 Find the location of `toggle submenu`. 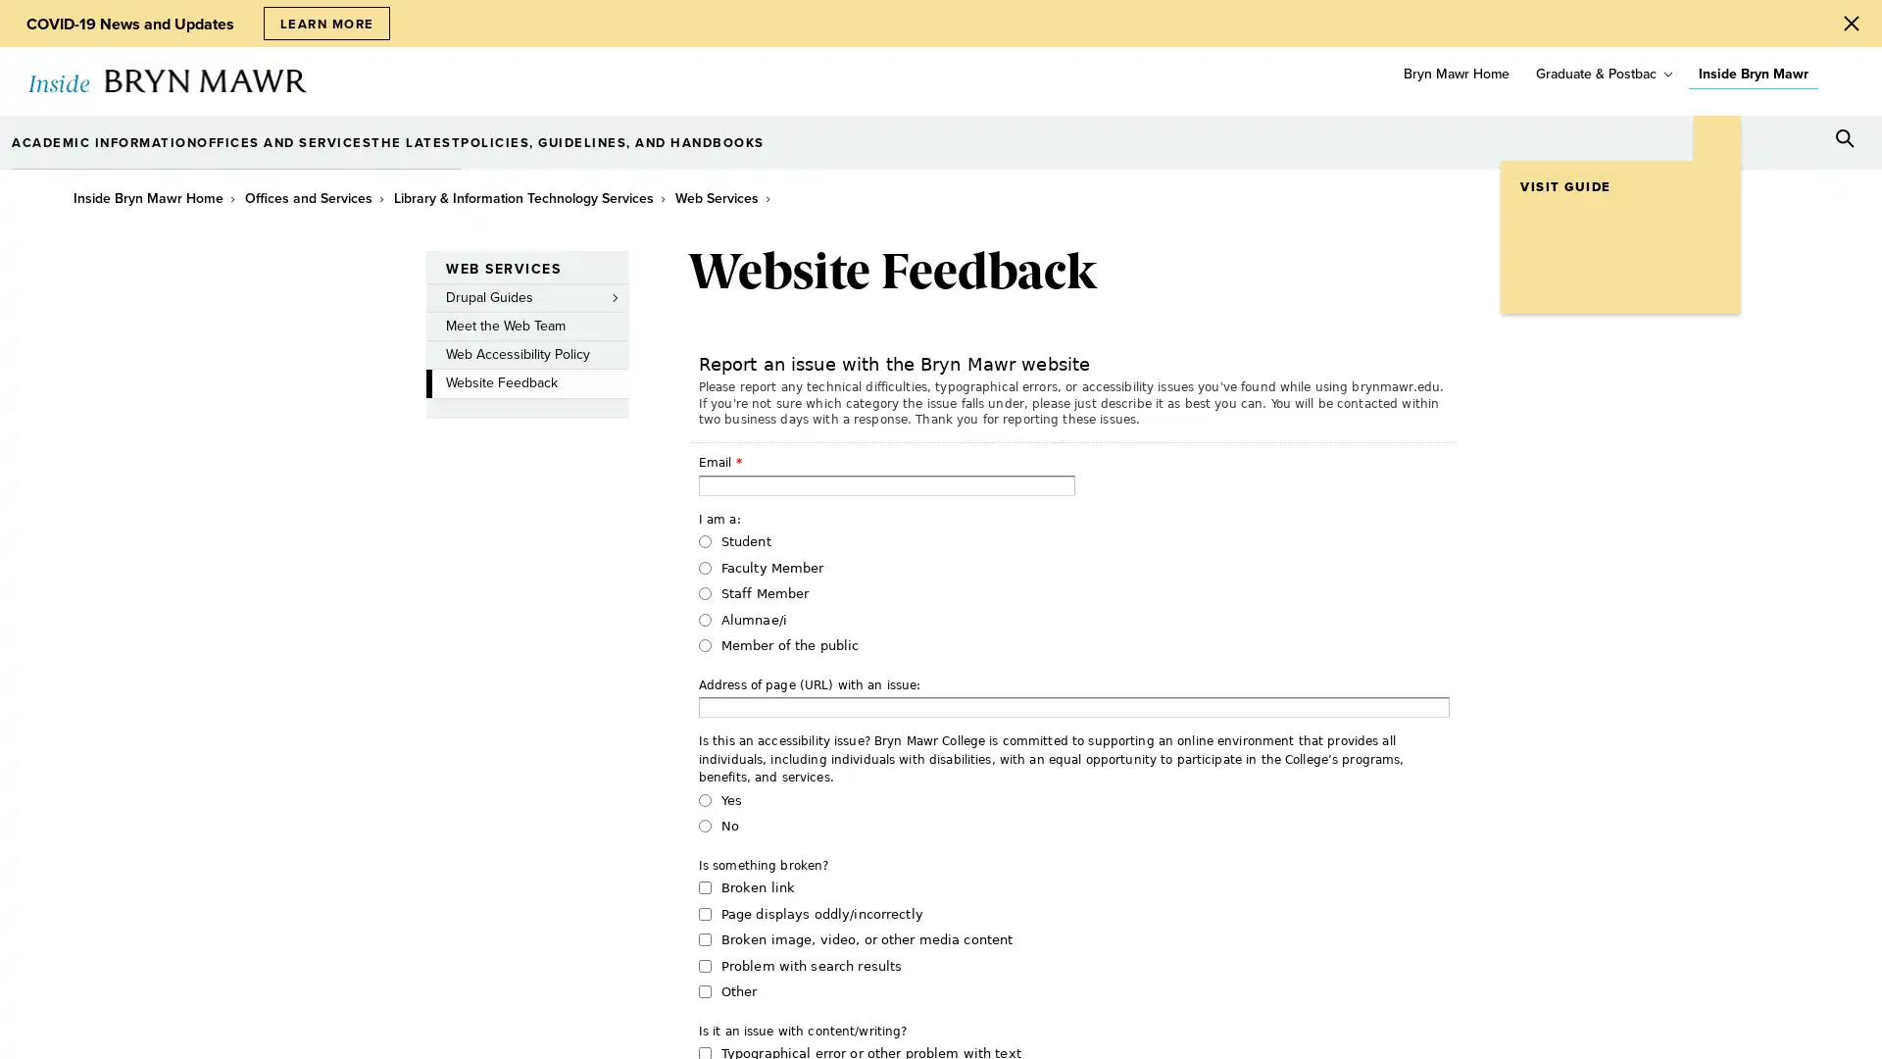

toggle submenu is located at coordinates (428, 127).